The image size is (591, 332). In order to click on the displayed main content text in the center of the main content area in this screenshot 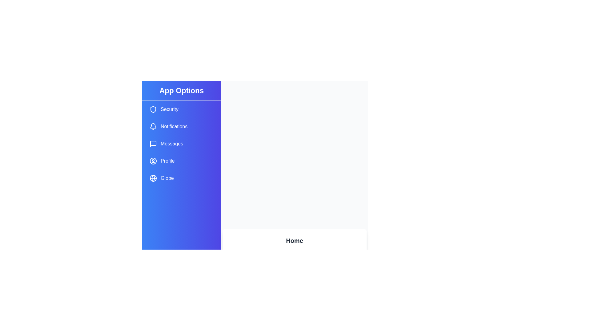, I will do `click(294, 246)`.